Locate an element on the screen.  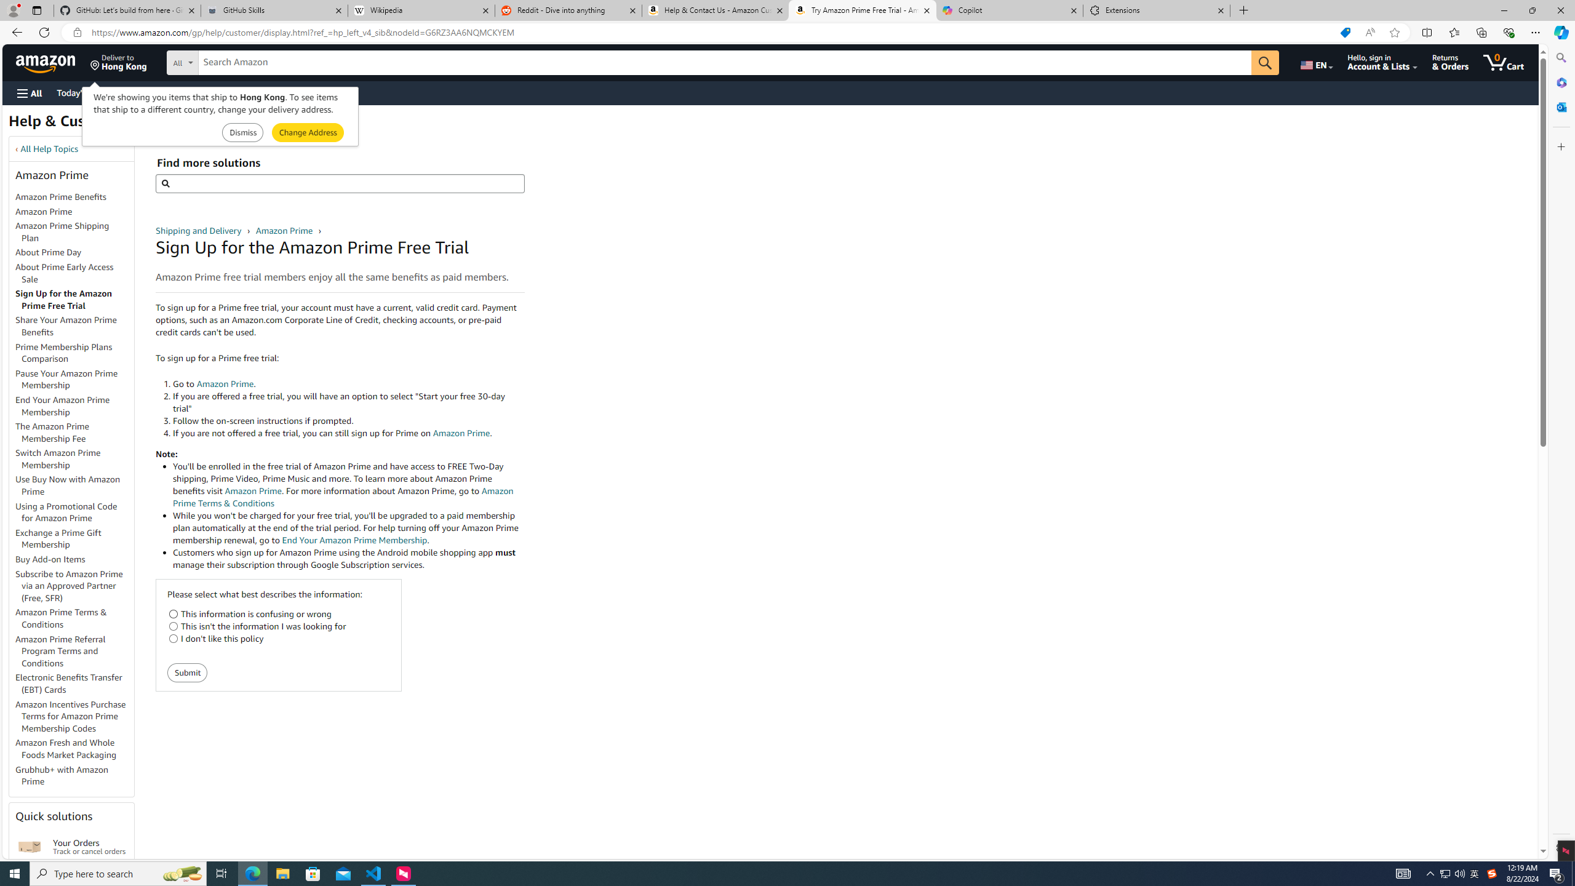
'Using a Promotional Code for Amazon Prime' is located at coordinates (74, 512).